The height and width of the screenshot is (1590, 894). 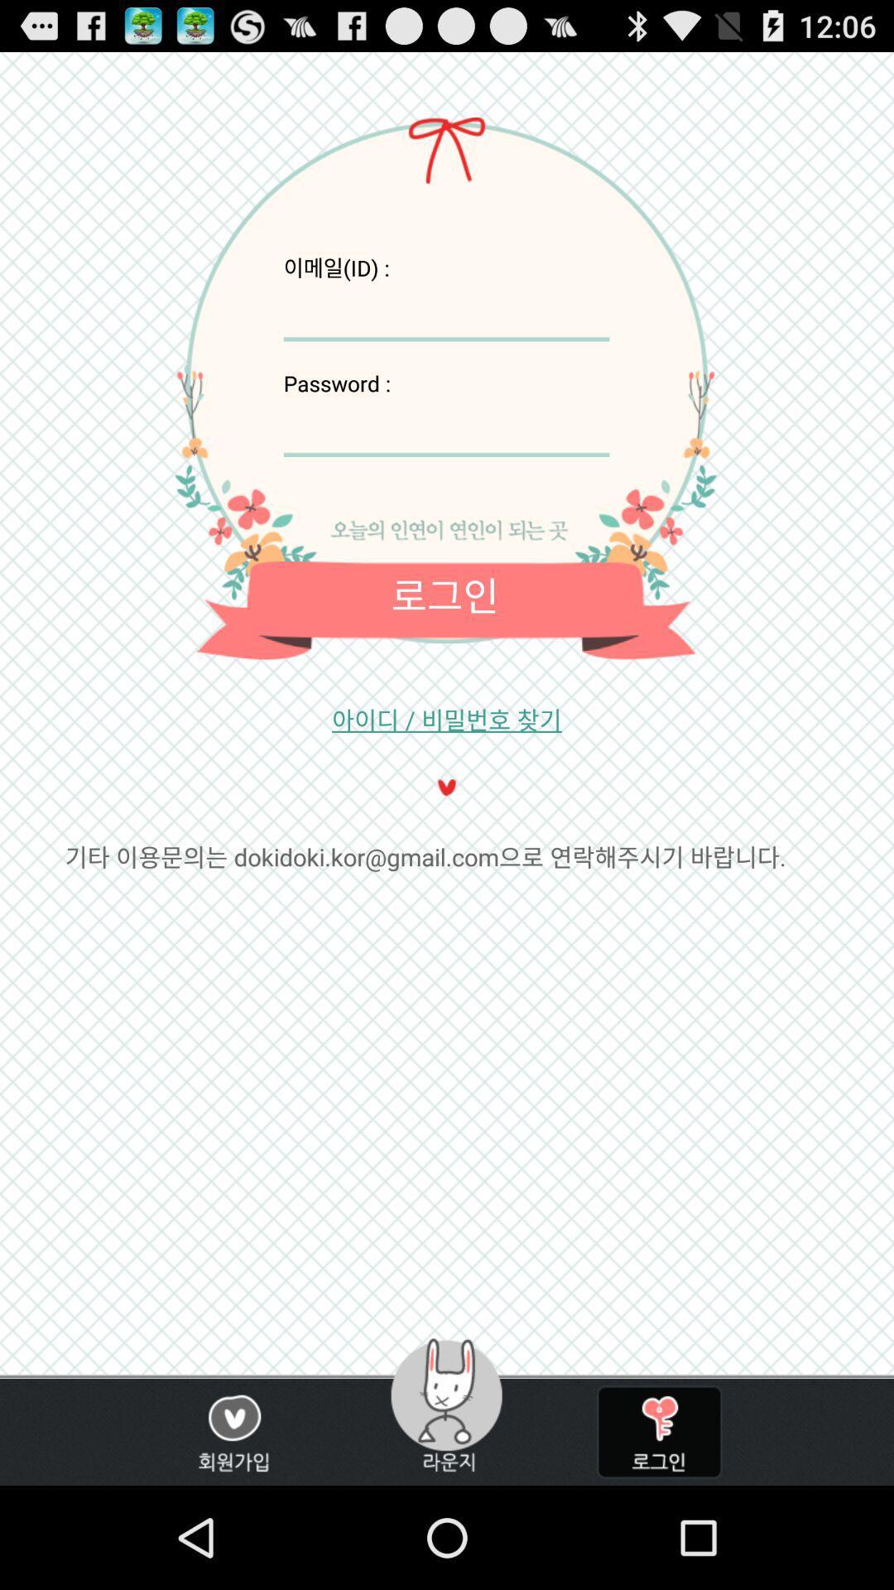 What do you see at coordinates (445, 311) in the screenshot?
I see `username` at bounding box center [445, 311].